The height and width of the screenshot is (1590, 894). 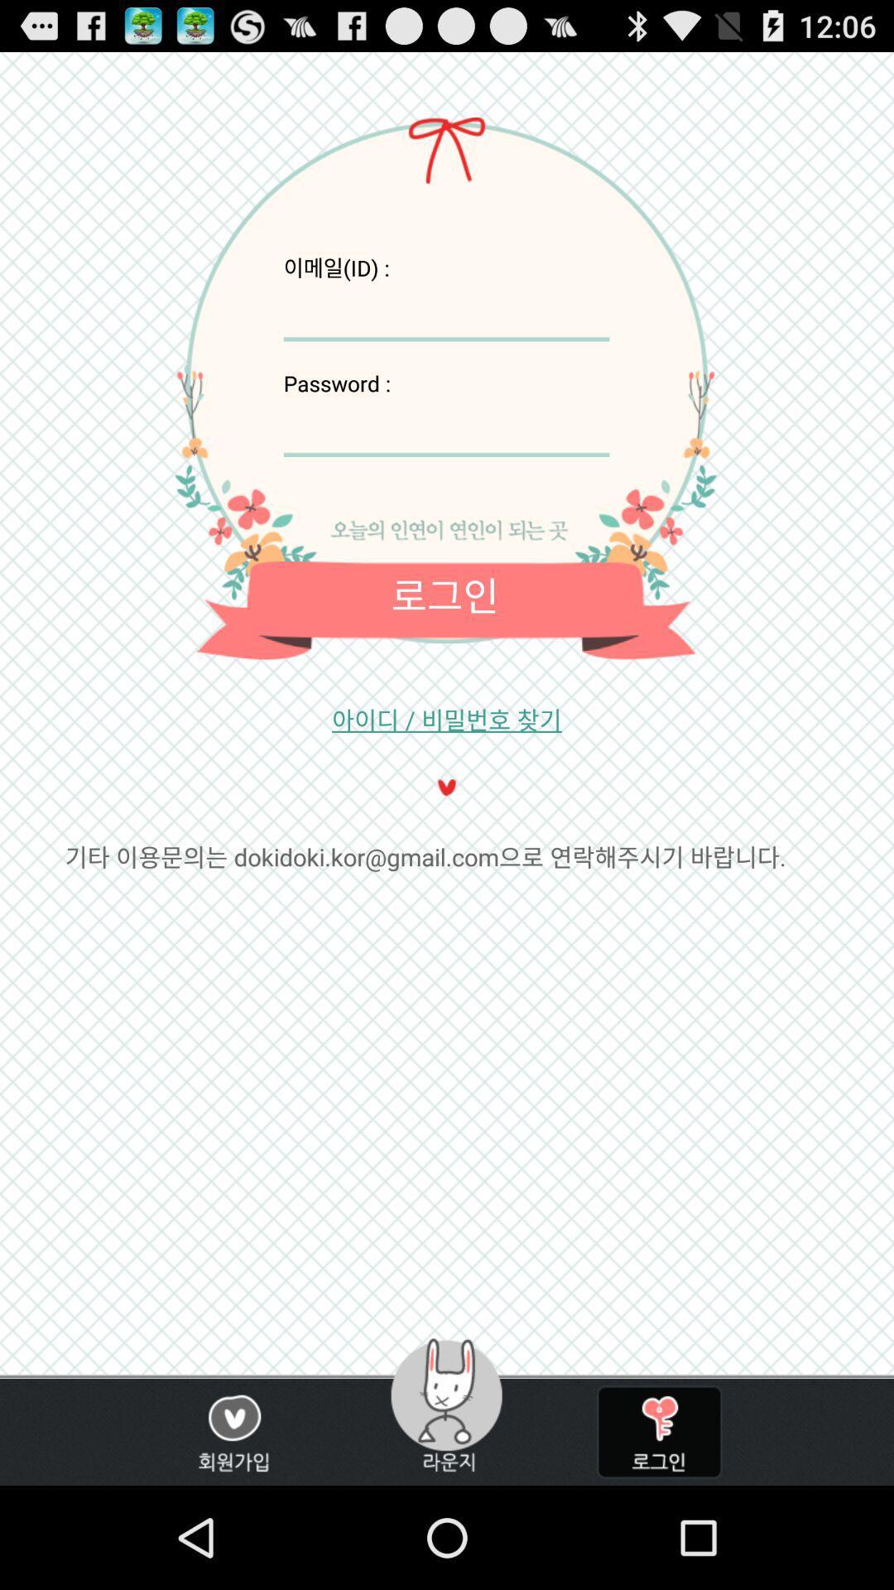 What do you see at coordinates (445, 311) in the screenshot?
I see `username` at bounding box center [445, 311].